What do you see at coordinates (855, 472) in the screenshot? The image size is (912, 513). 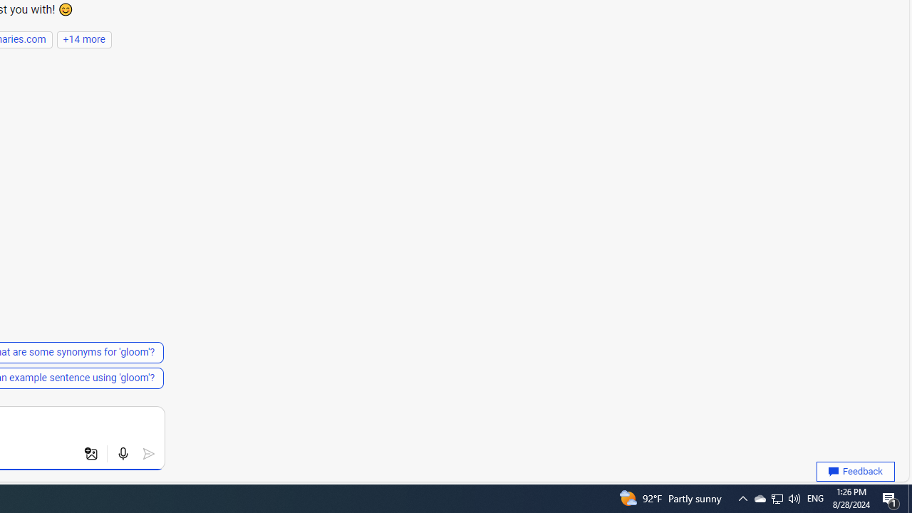 I see `'Feedback'` at bounding box center [855, 472].